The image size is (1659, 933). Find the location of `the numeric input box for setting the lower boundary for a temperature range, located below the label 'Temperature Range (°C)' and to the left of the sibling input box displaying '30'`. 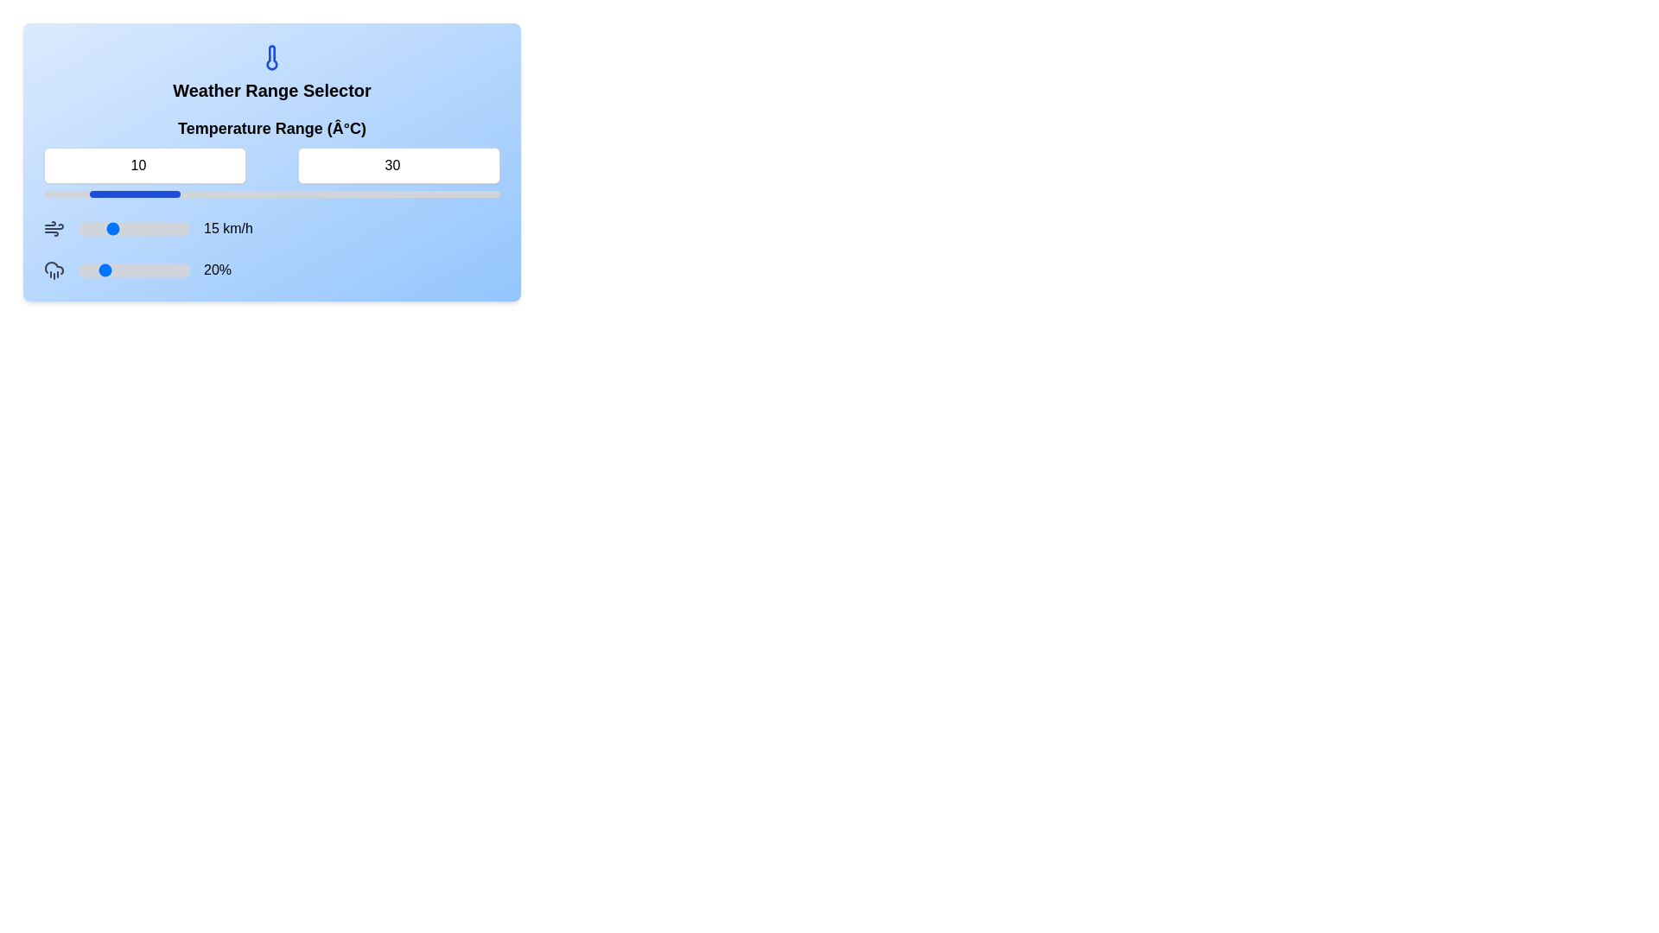

the numeric input box for setting the lower boundary for a temperature range, located below the label 'Temperature Range (°C)' and to the left of the sibling input box displaying '30' is located at coordinates (145, 166).